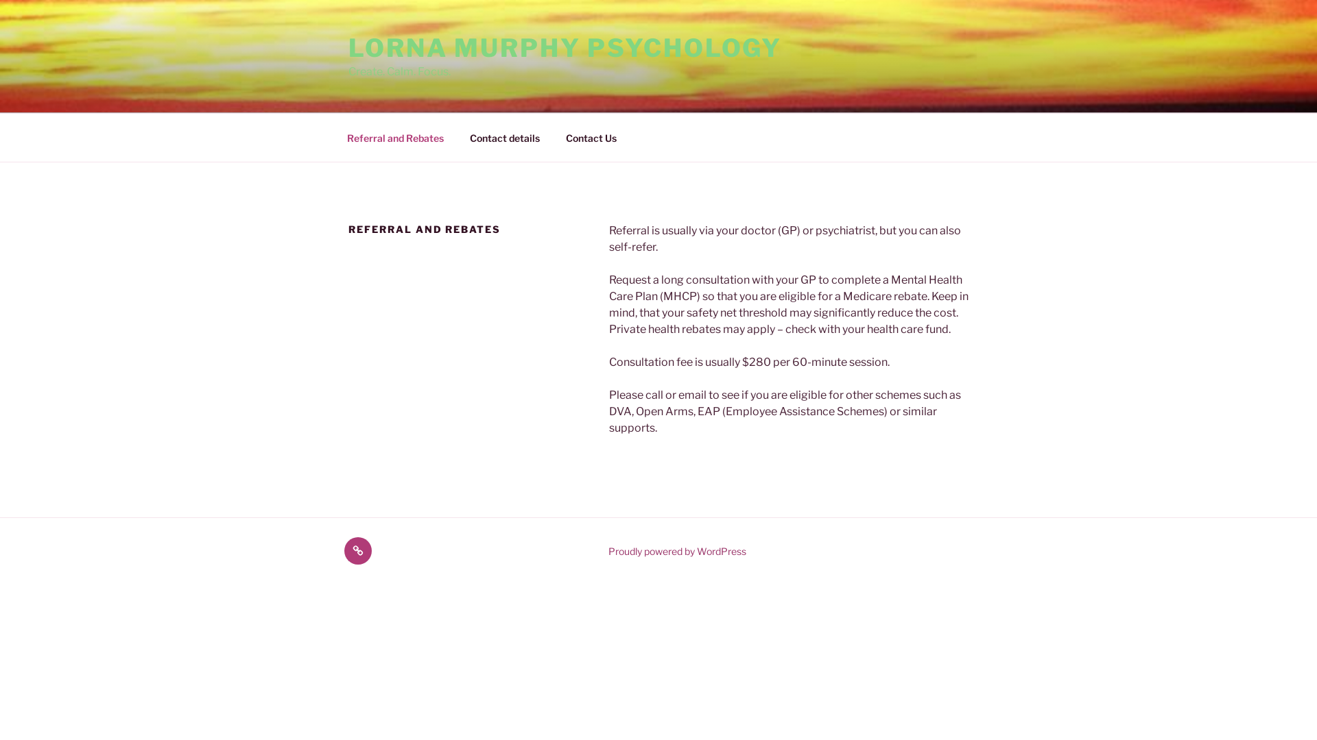  I want to click on 'Referral and Rebates', so click(335, 137).